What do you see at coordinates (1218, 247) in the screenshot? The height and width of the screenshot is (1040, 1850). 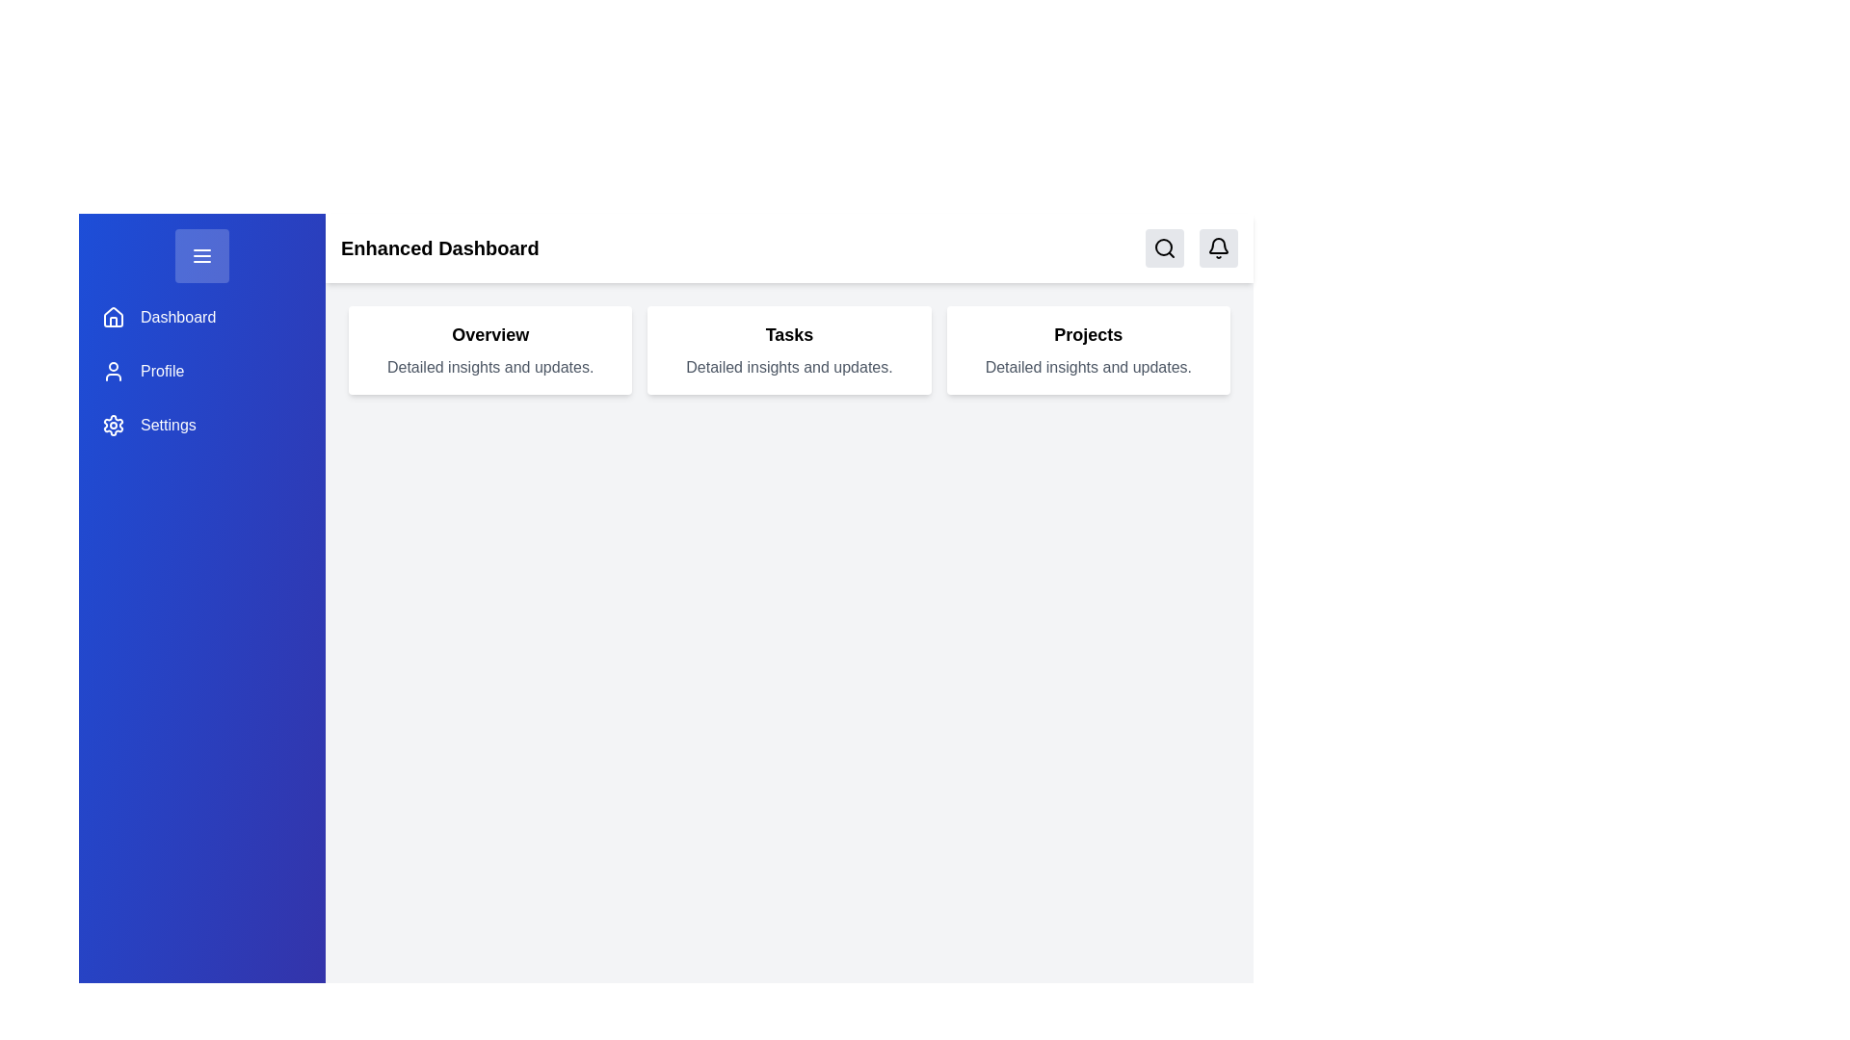 I see `the second button in the group of two adjacent buttons at the top right corner of the main interface` at bounding box center [1218, 247].